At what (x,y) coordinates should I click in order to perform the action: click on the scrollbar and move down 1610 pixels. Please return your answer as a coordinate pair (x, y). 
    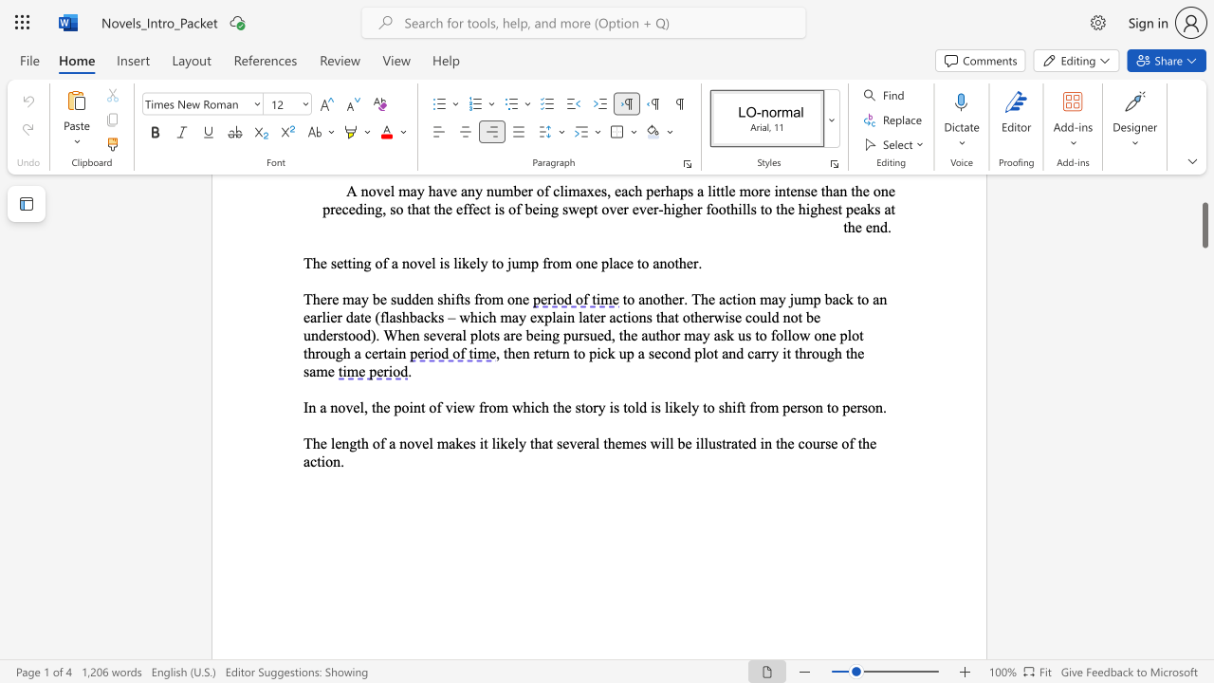
    Looking at the image, I should click on (1204, 225).